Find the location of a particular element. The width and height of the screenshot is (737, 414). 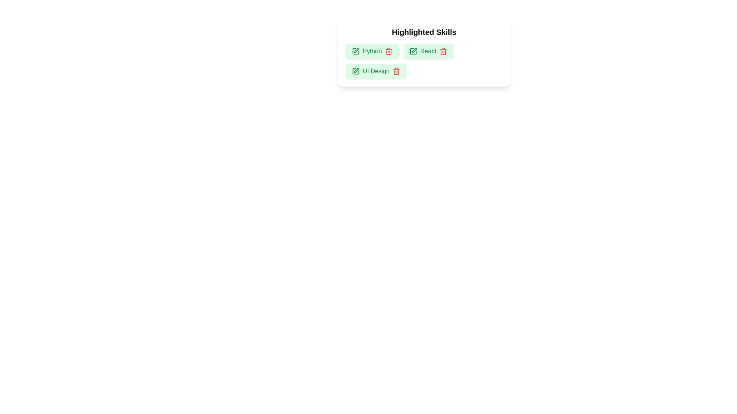

the skill React to inspect the UI reaction is located at coordinates (428, 51).